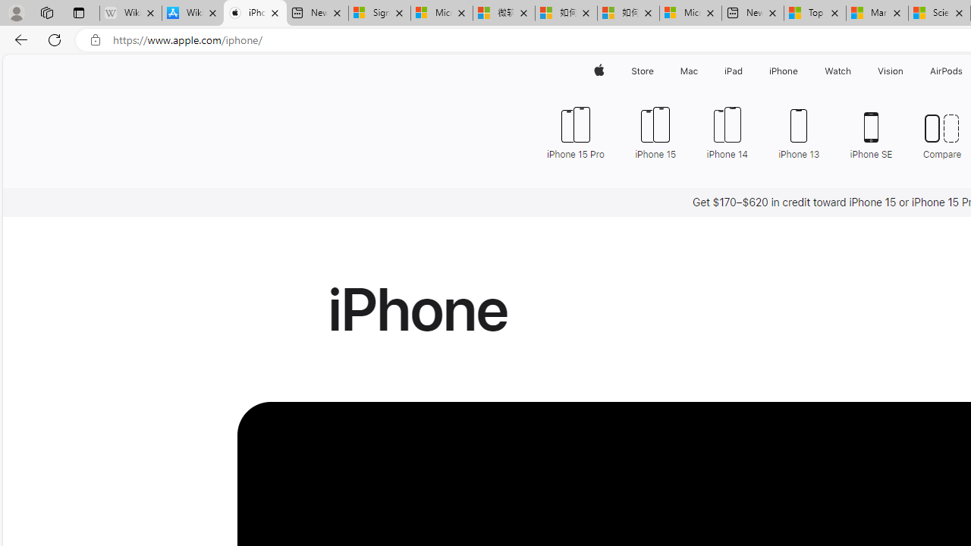 The image size is (971, 546). I want to click on 'iPhone 15 Pro', so click(574, 130).